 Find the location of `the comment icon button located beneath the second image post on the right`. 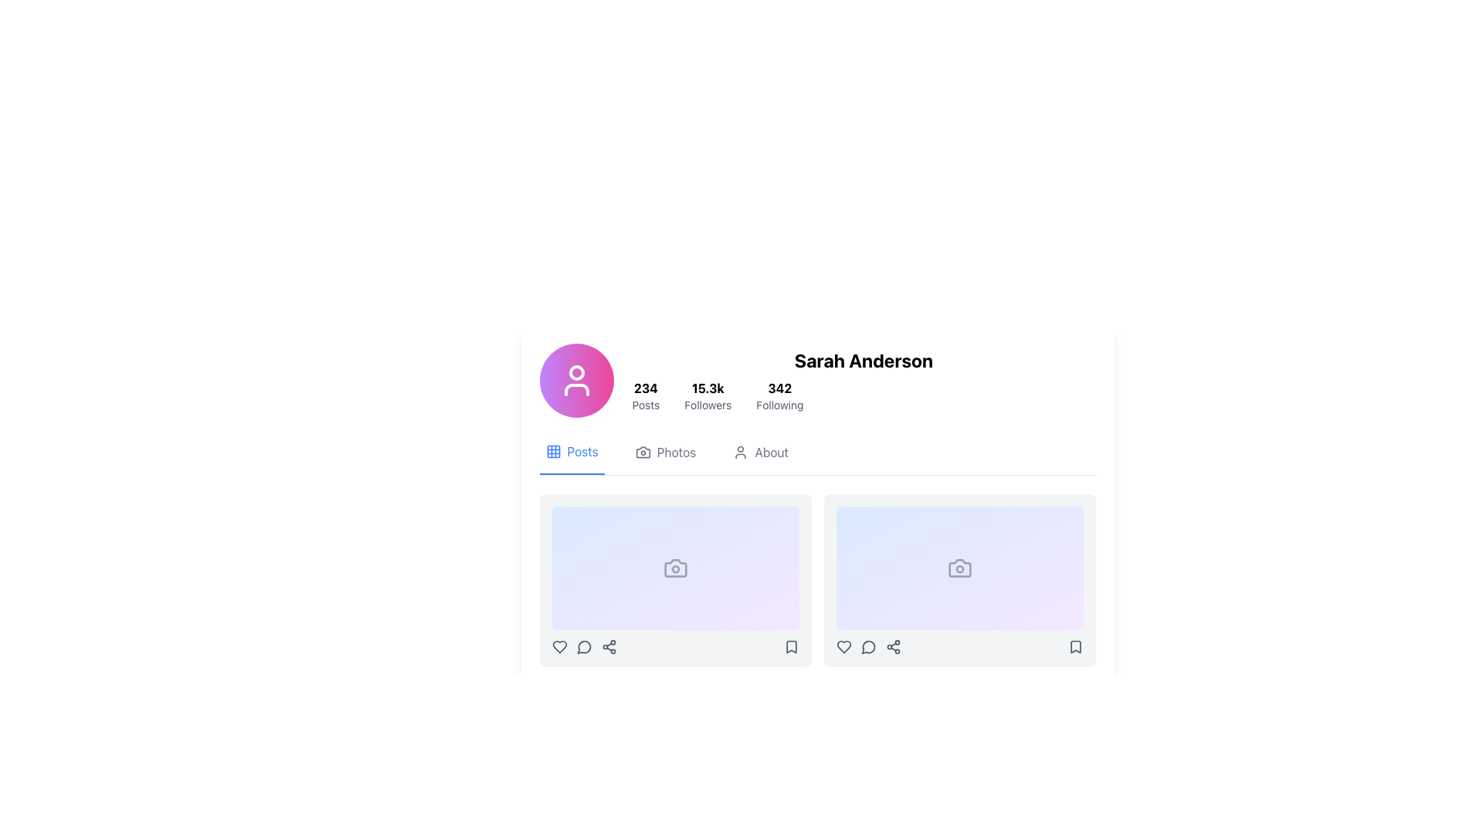

the comment icon button located beneath the second image post on the right is located at coordinates (868, 646).